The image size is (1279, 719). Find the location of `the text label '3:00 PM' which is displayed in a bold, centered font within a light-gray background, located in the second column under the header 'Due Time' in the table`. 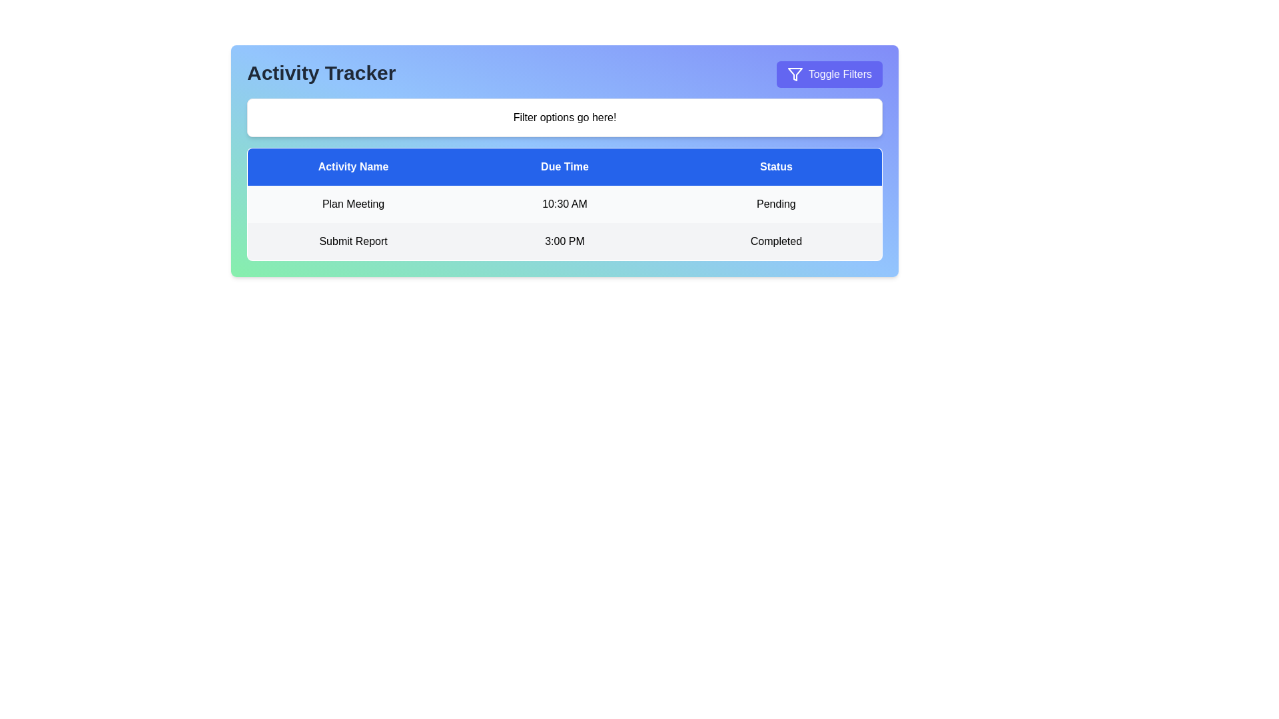

the text label '3:00 PM' which is displayed in a bold, centered font within a light-gray background, located in the second column under the header 'Due Time' in the table is located at coordinates (565, 242).